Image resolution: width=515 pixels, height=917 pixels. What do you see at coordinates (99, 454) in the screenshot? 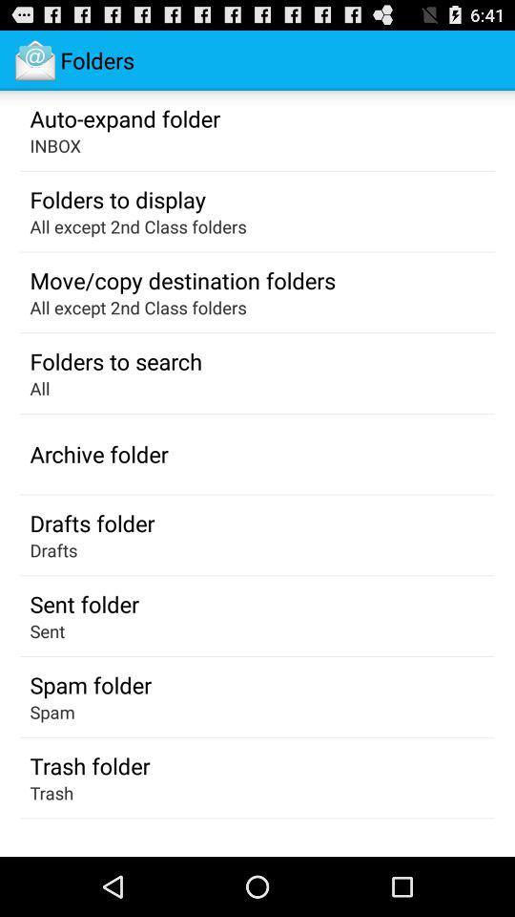
I see `archive folder` at bounding box center [99, 454].